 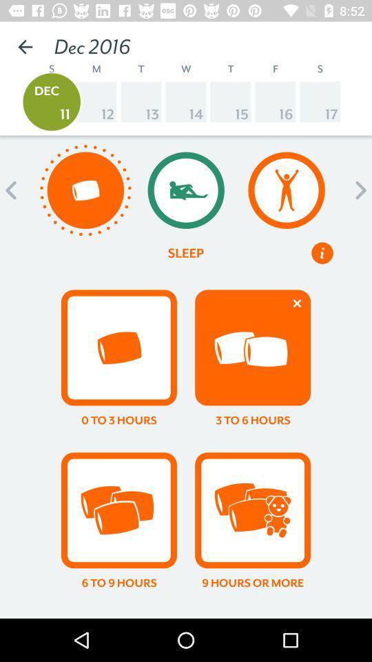 What do you see at coordinates (186, 592) in the screenshot?
I see `the star icon` at bounding box center [186, 592].